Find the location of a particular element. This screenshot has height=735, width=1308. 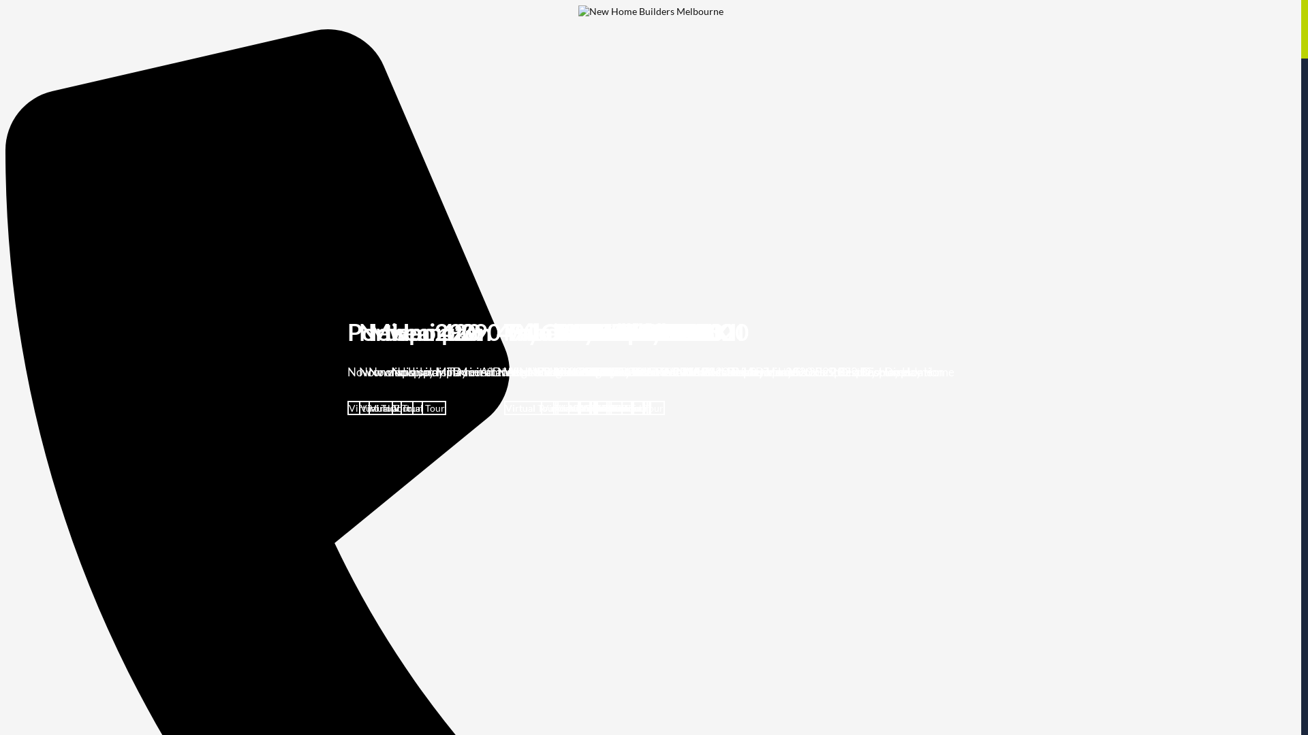

'Virtual Tour' is located at coordinates (623, 407).